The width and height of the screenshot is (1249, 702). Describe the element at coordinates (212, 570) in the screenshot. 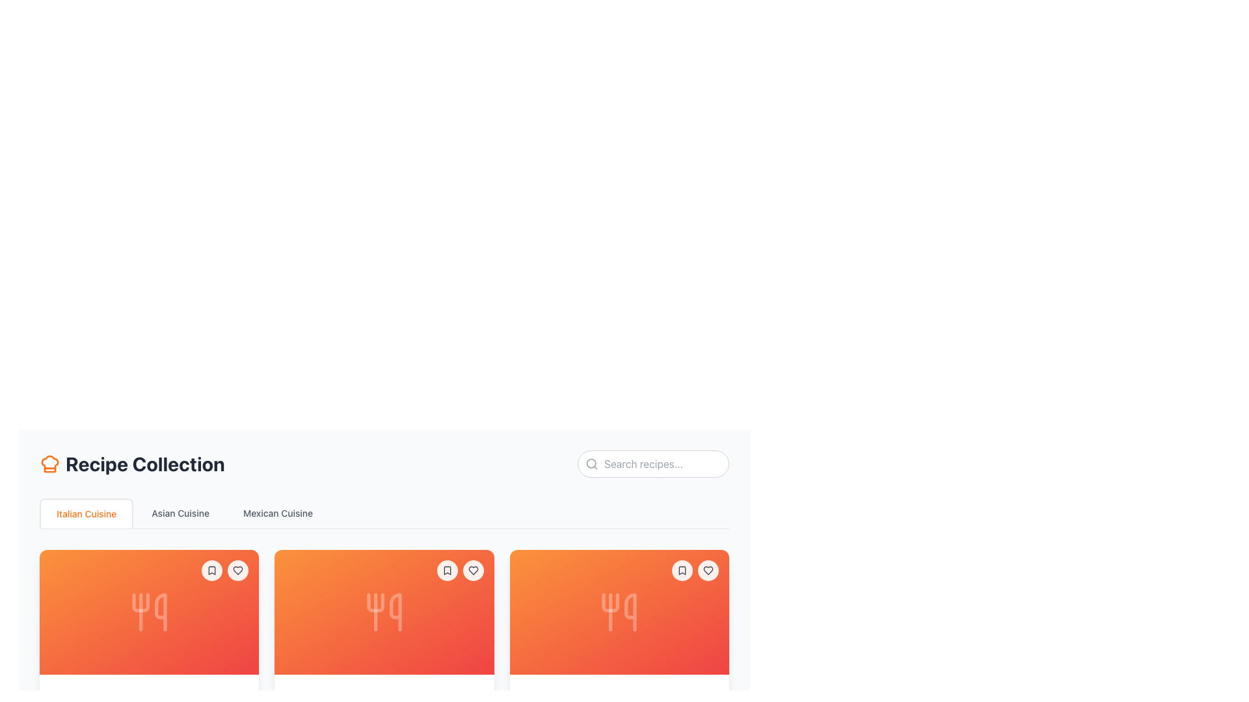

I see `the first bookmark button located at the right corner of the first item card in the grid layout` at that location.